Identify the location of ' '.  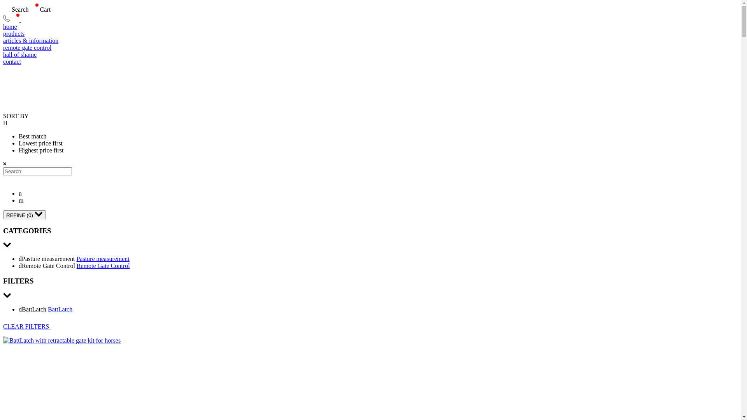
(4, 333).